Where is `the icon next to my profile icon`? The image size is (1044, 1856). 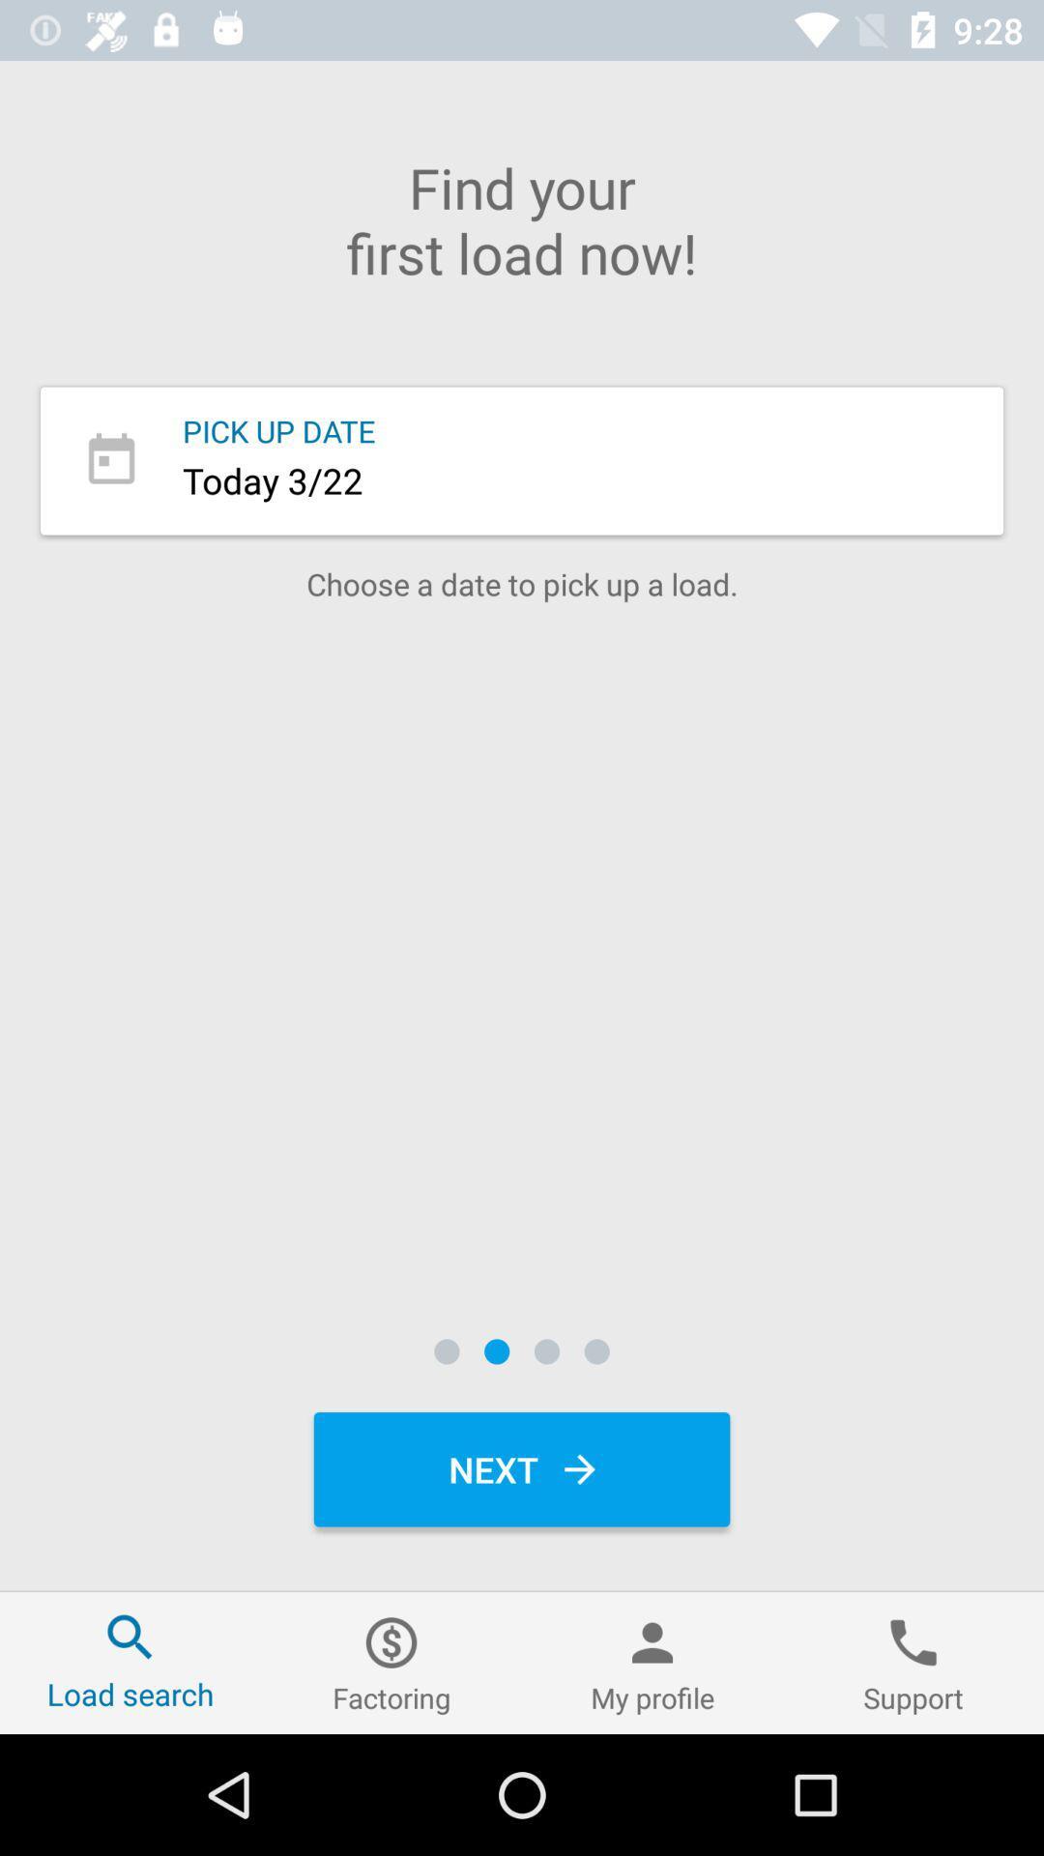
the icon next to my profile icon is located at coordinates (913, 1662).